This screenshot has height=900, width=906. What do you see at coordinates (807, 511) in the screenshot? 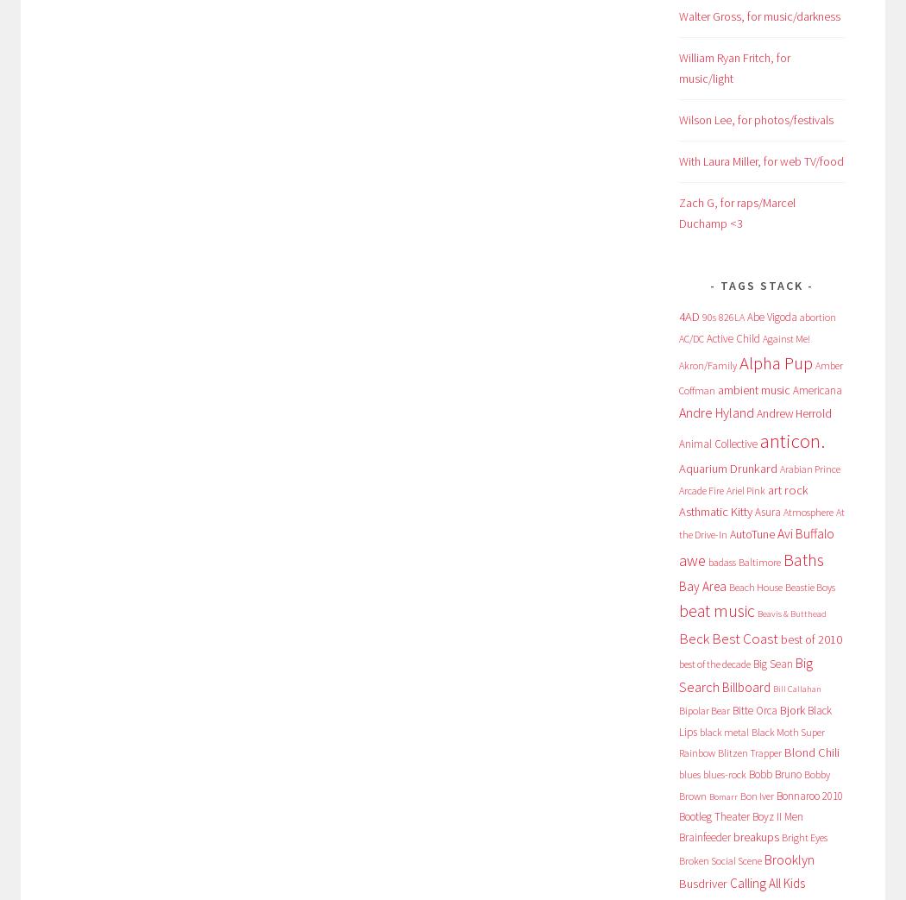
I see `'Atmosphere'` at bounding box center [807, 511].